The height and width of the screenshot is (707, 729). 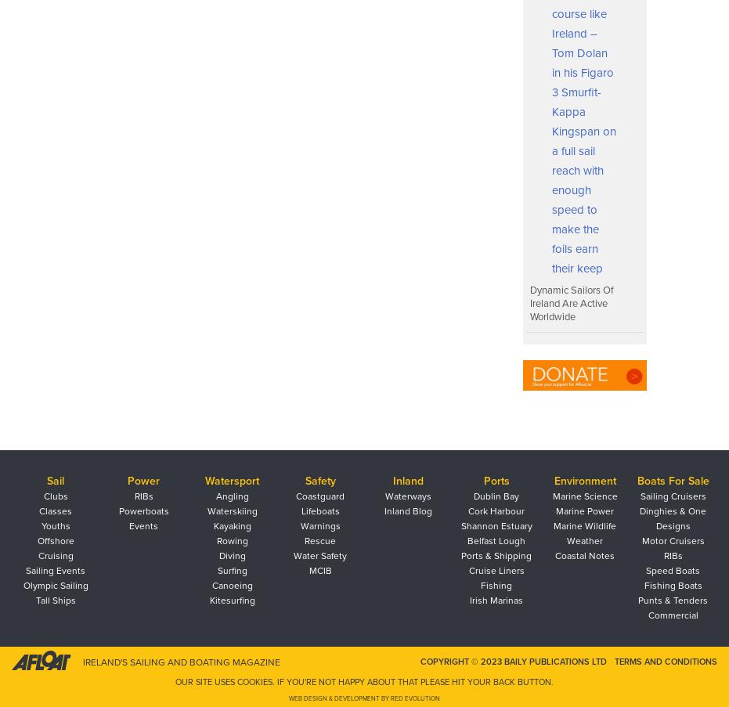 I want to click on 'What is the Performance Pathway?', so click(x=192, y=164).